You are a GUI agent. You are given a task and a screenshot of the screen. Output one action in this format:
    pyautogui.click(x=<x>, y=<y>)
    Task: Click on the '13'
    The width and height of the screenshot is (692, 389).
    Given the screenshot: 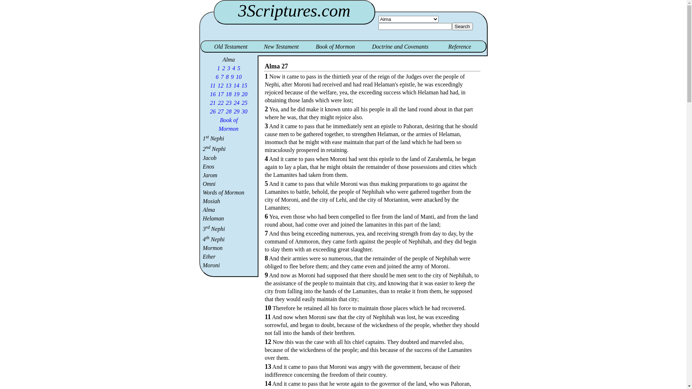 What is the action you would take?
    pyautogui.click(x=225, y=85)
    